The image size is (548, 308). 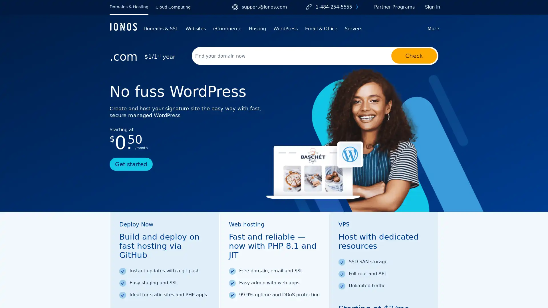 I want to click on Servers, so click(x=353, y=29).